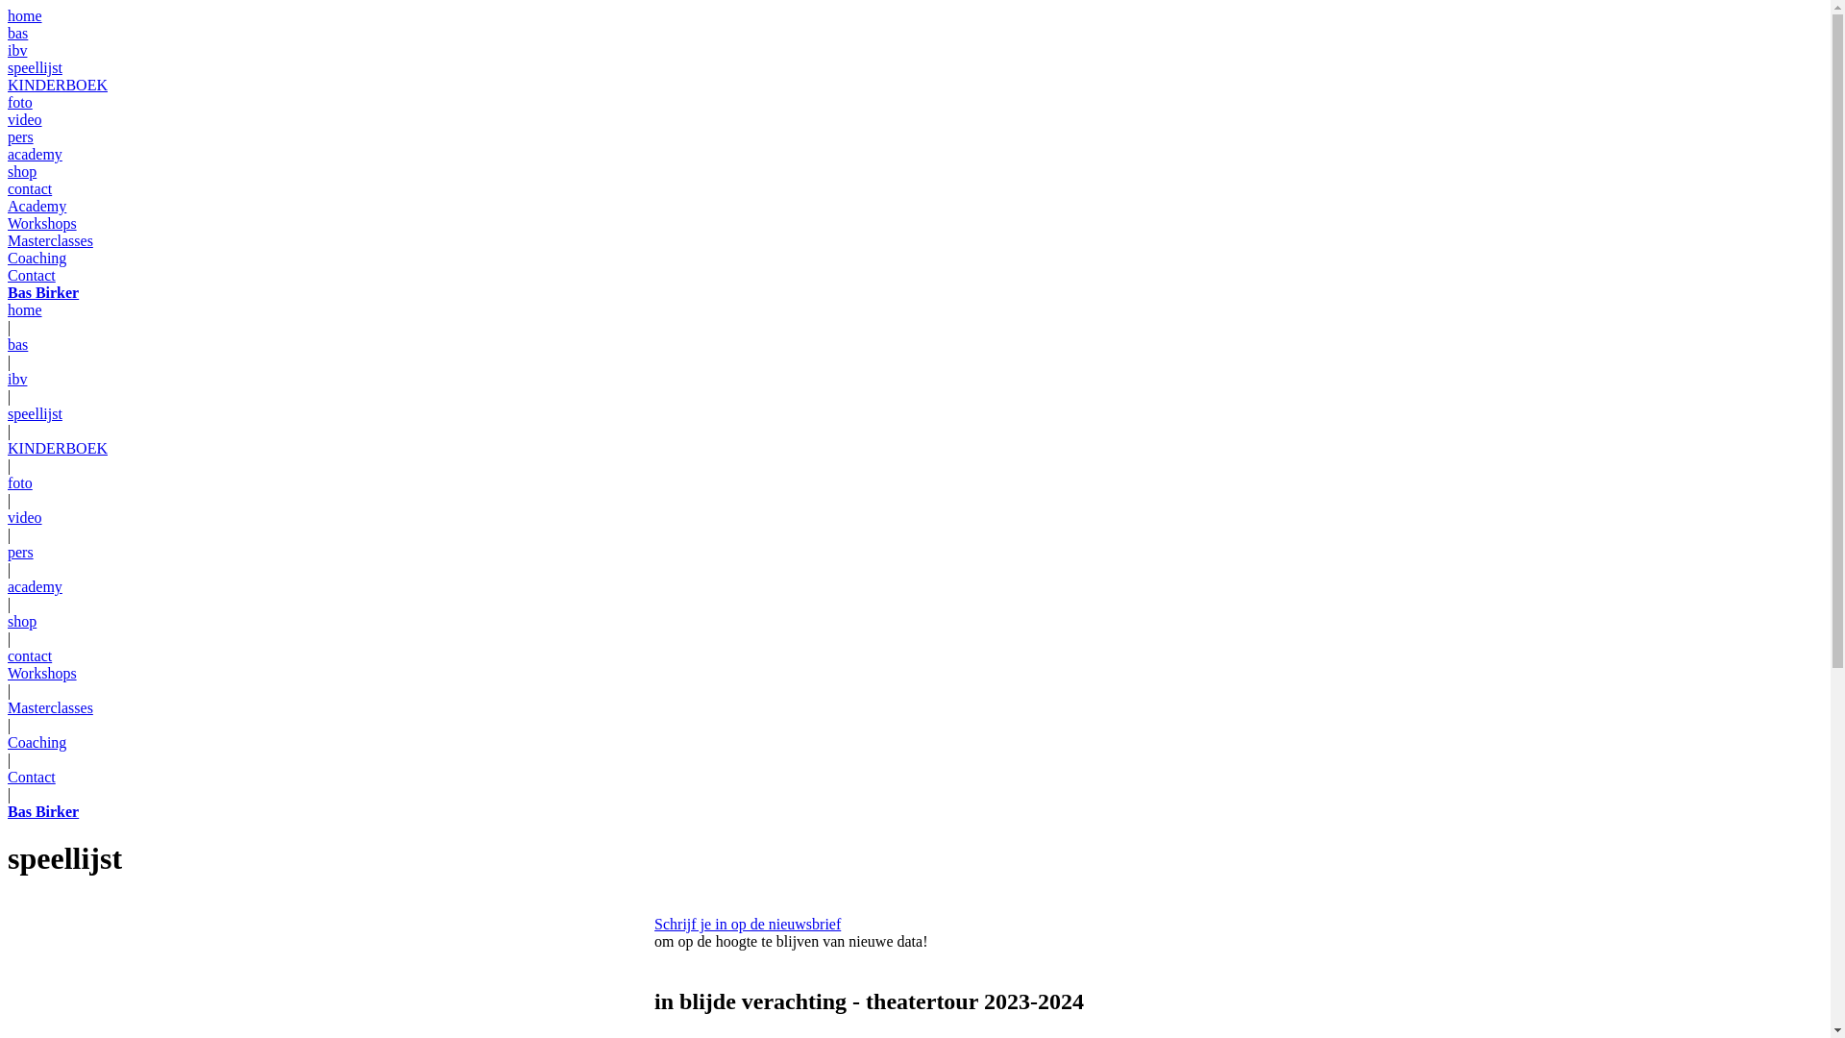 The width and height of the screenshot is (1845, 1038). I want to click on 'contact', so click(29, 655).